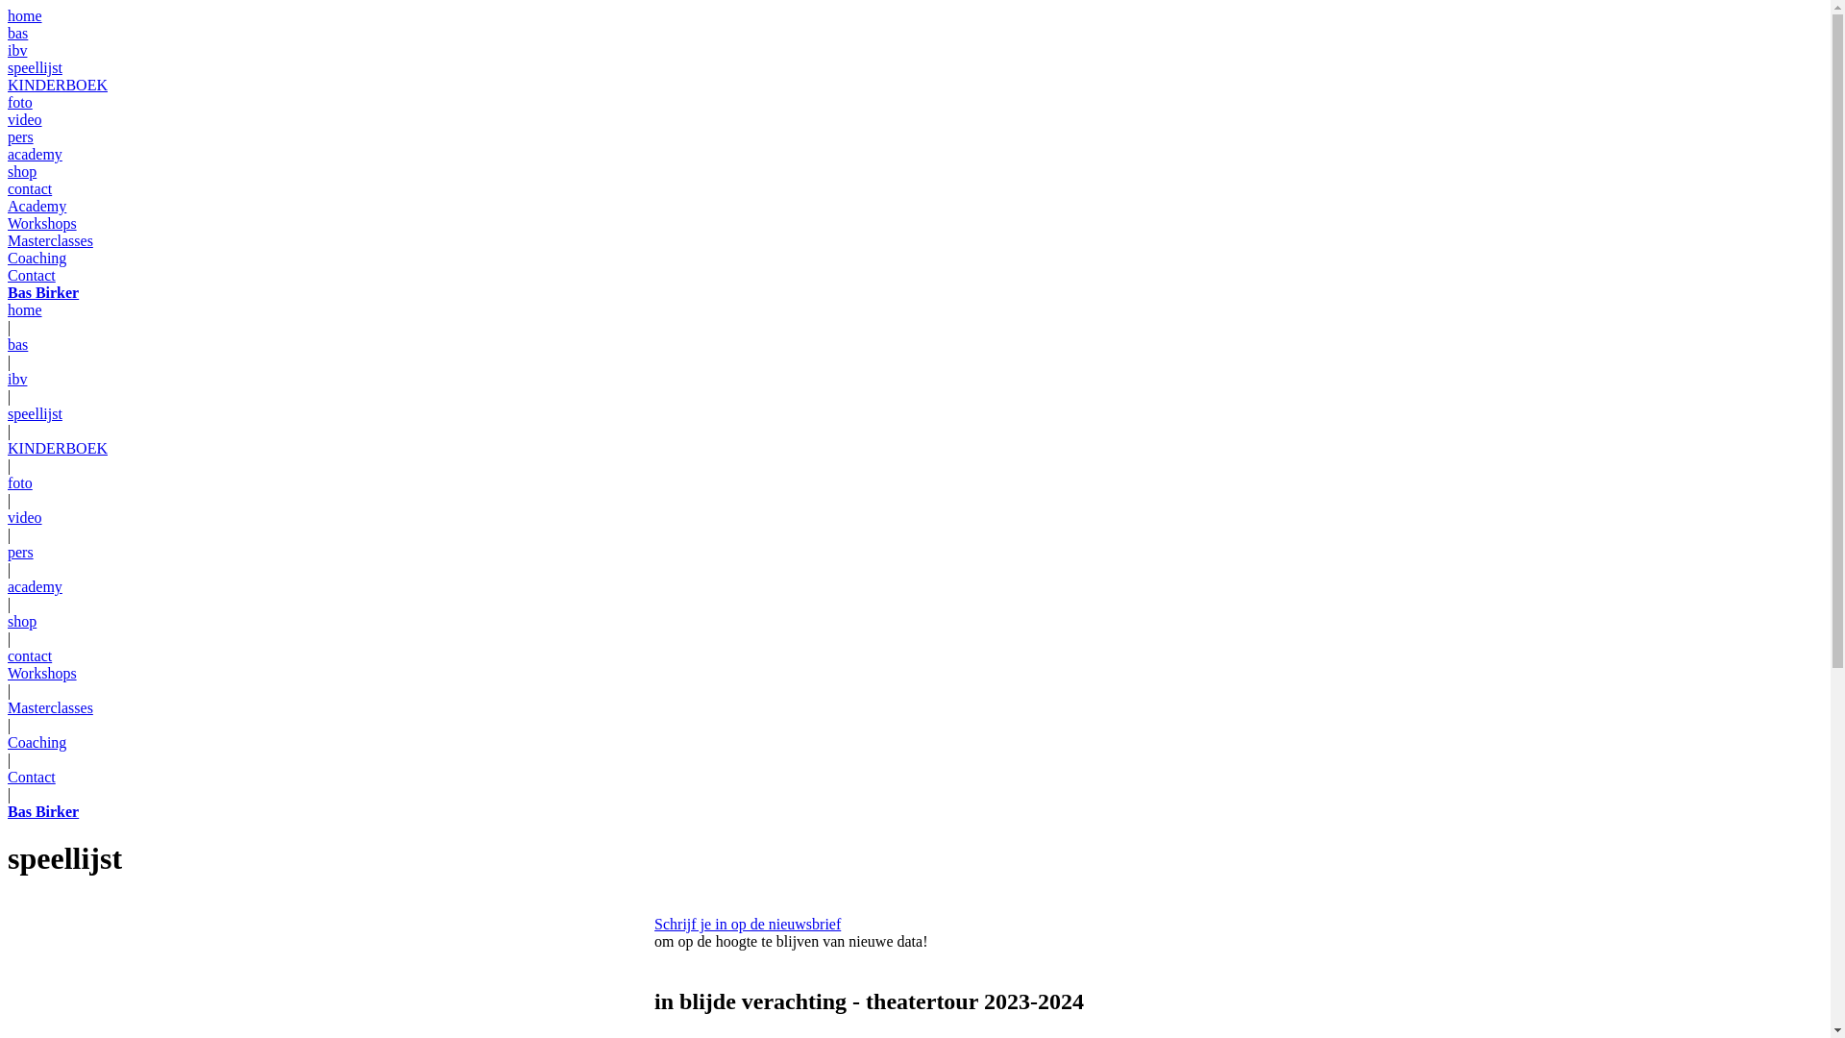 The width and height of the screenshot is (1845, 1038). I want to click on 'contact', so click(29, 655).